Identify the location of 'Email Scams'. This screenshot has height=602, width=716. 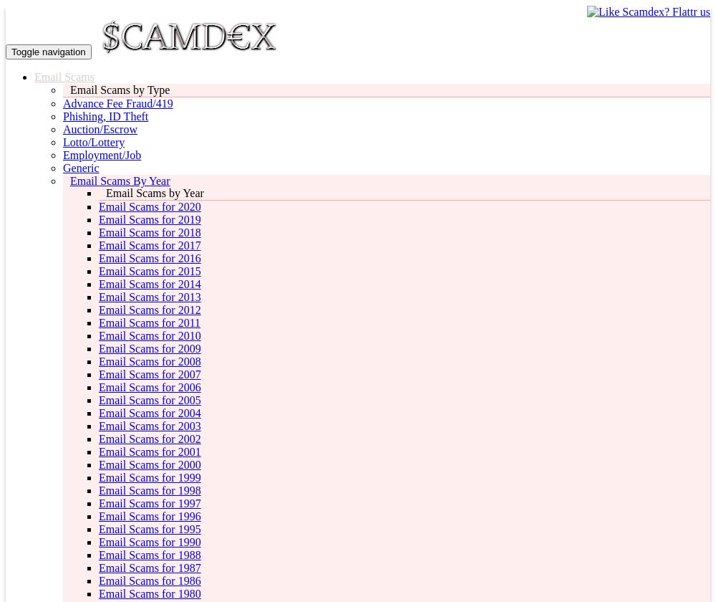
(63, 77).